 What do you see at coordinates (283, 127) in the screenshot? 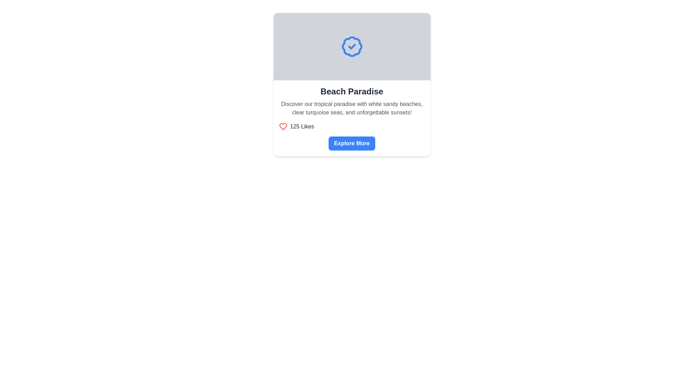
I see `the red heart icon representing a 'liked' action, which is located to the left of the '125 Likes' text within the card component` at bounding box center [283, 127].